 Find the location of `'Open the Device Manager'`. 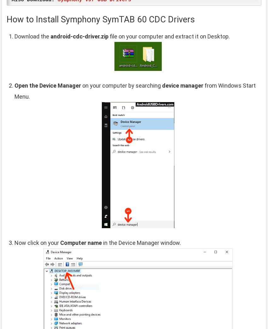

'Open the Device Manager' is located at coordinates (48, 85).